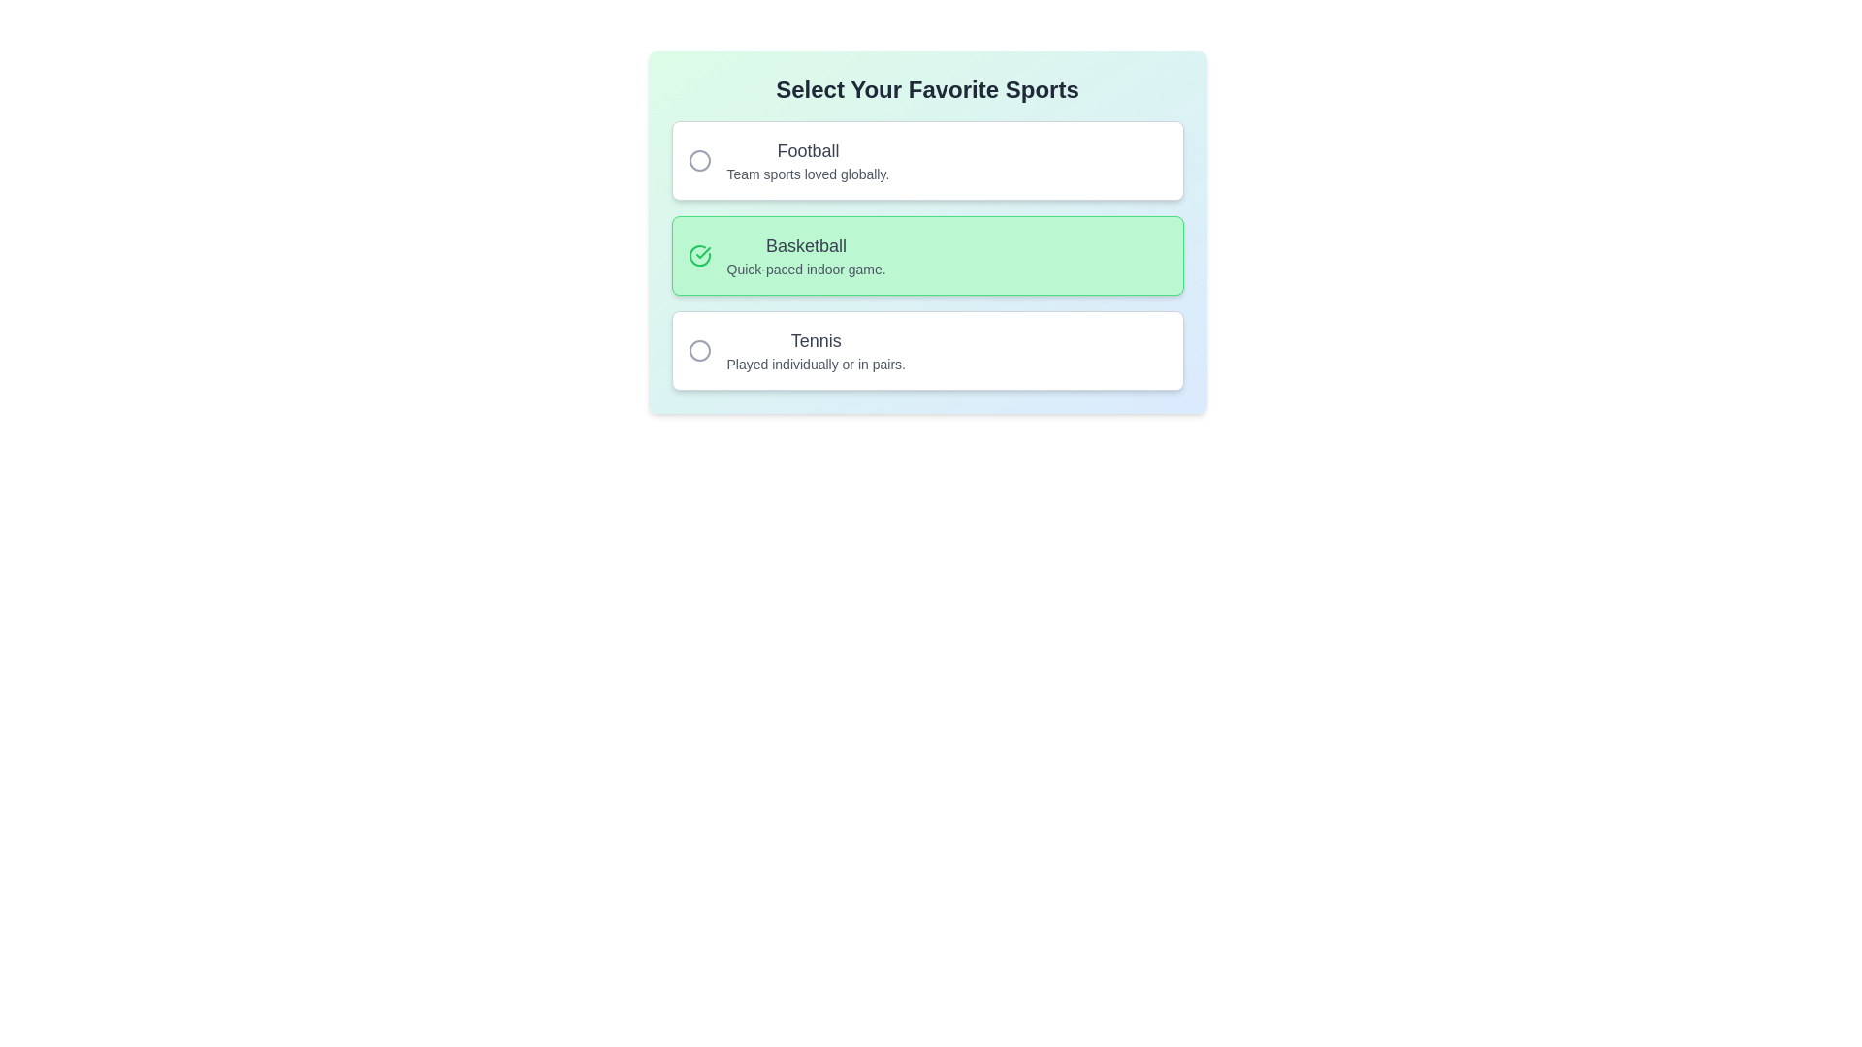 The height and width of the screenshot is (1047, 1862). I want to click on information displayed in the 'Basketball' text label, which is centrally aligned within the selectable option in the 'Select Your Favorite Sports' list, so click(806, 254).